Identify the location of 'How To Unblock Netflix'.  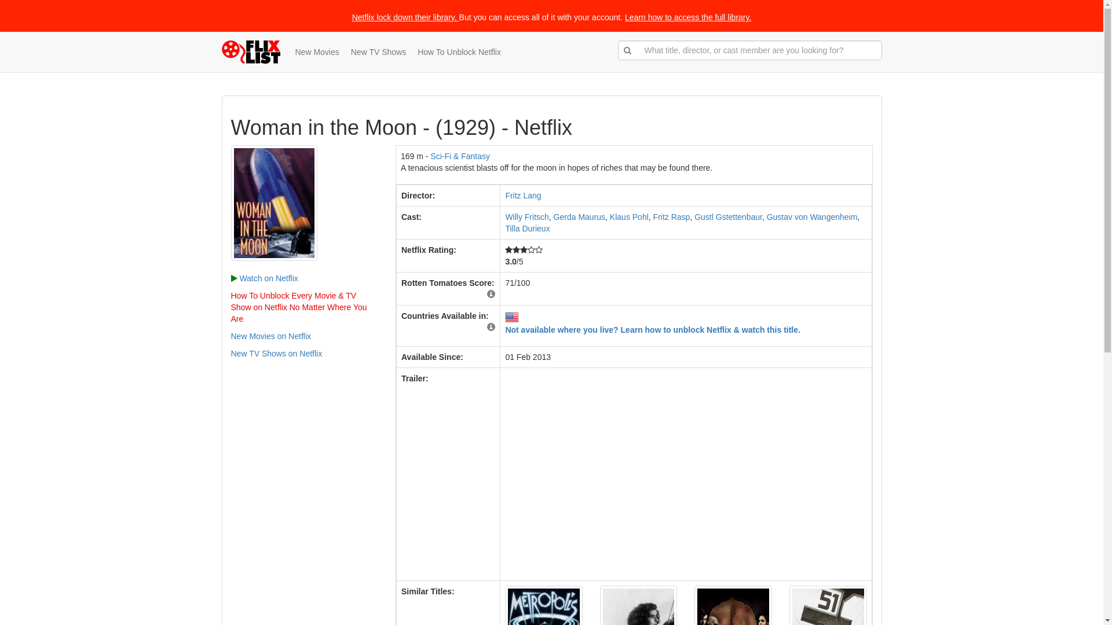
(458, 51).